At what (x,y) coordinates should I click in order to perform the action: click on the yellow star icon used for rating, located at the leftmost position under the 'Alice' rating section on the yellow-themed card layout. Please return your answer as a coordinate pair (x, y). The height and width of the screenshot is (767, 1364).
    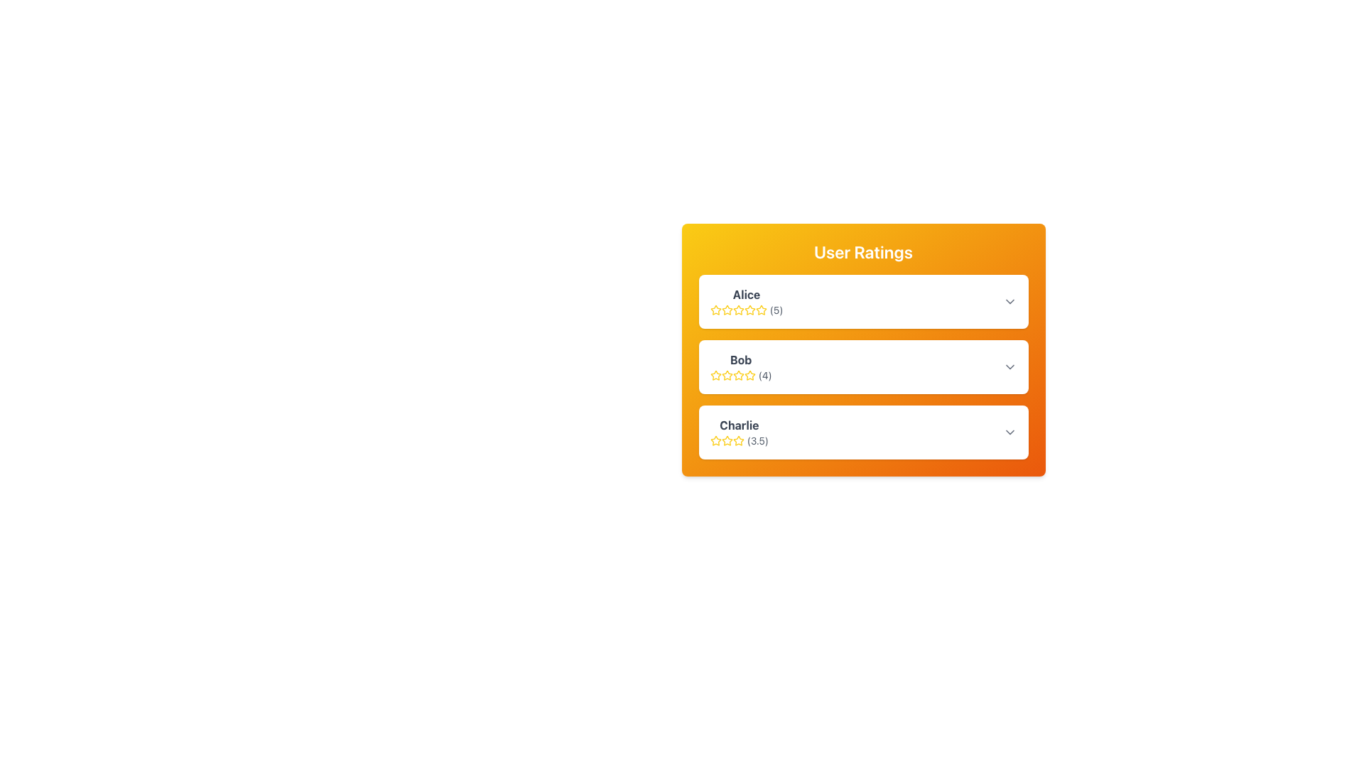
    Looking at the image, I should click on (727, 309).